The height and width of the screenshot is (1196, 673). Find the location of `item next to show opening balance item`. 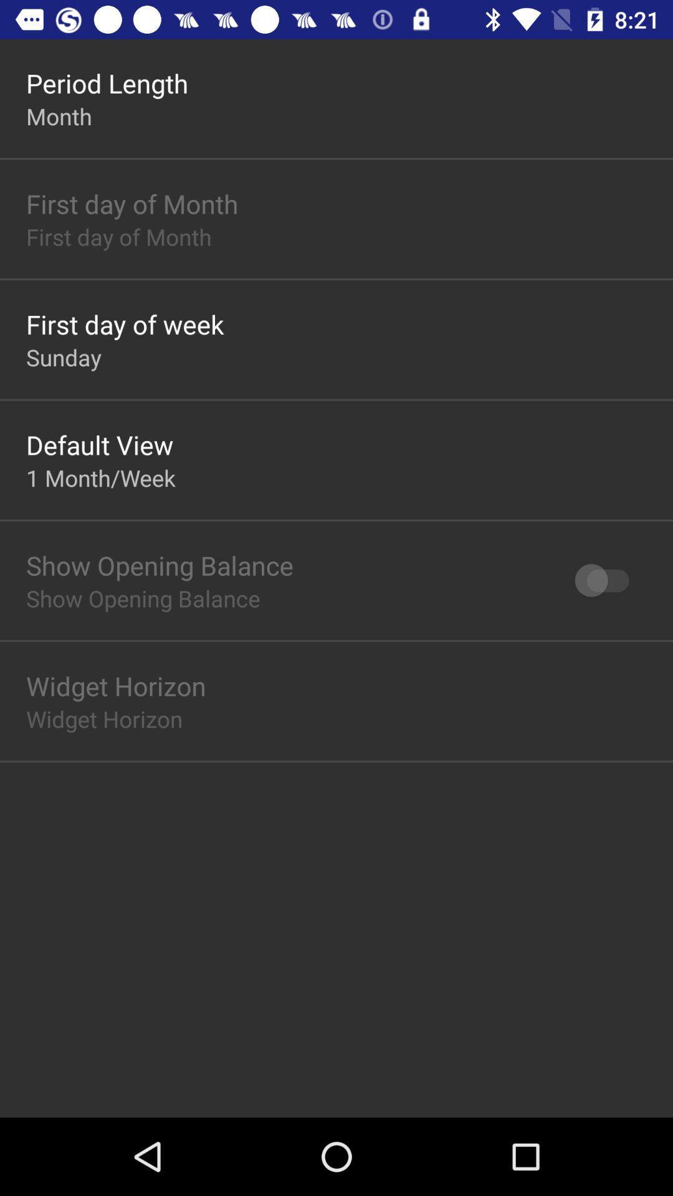

item next to show opening balance item is located at coordinates (607, 579).